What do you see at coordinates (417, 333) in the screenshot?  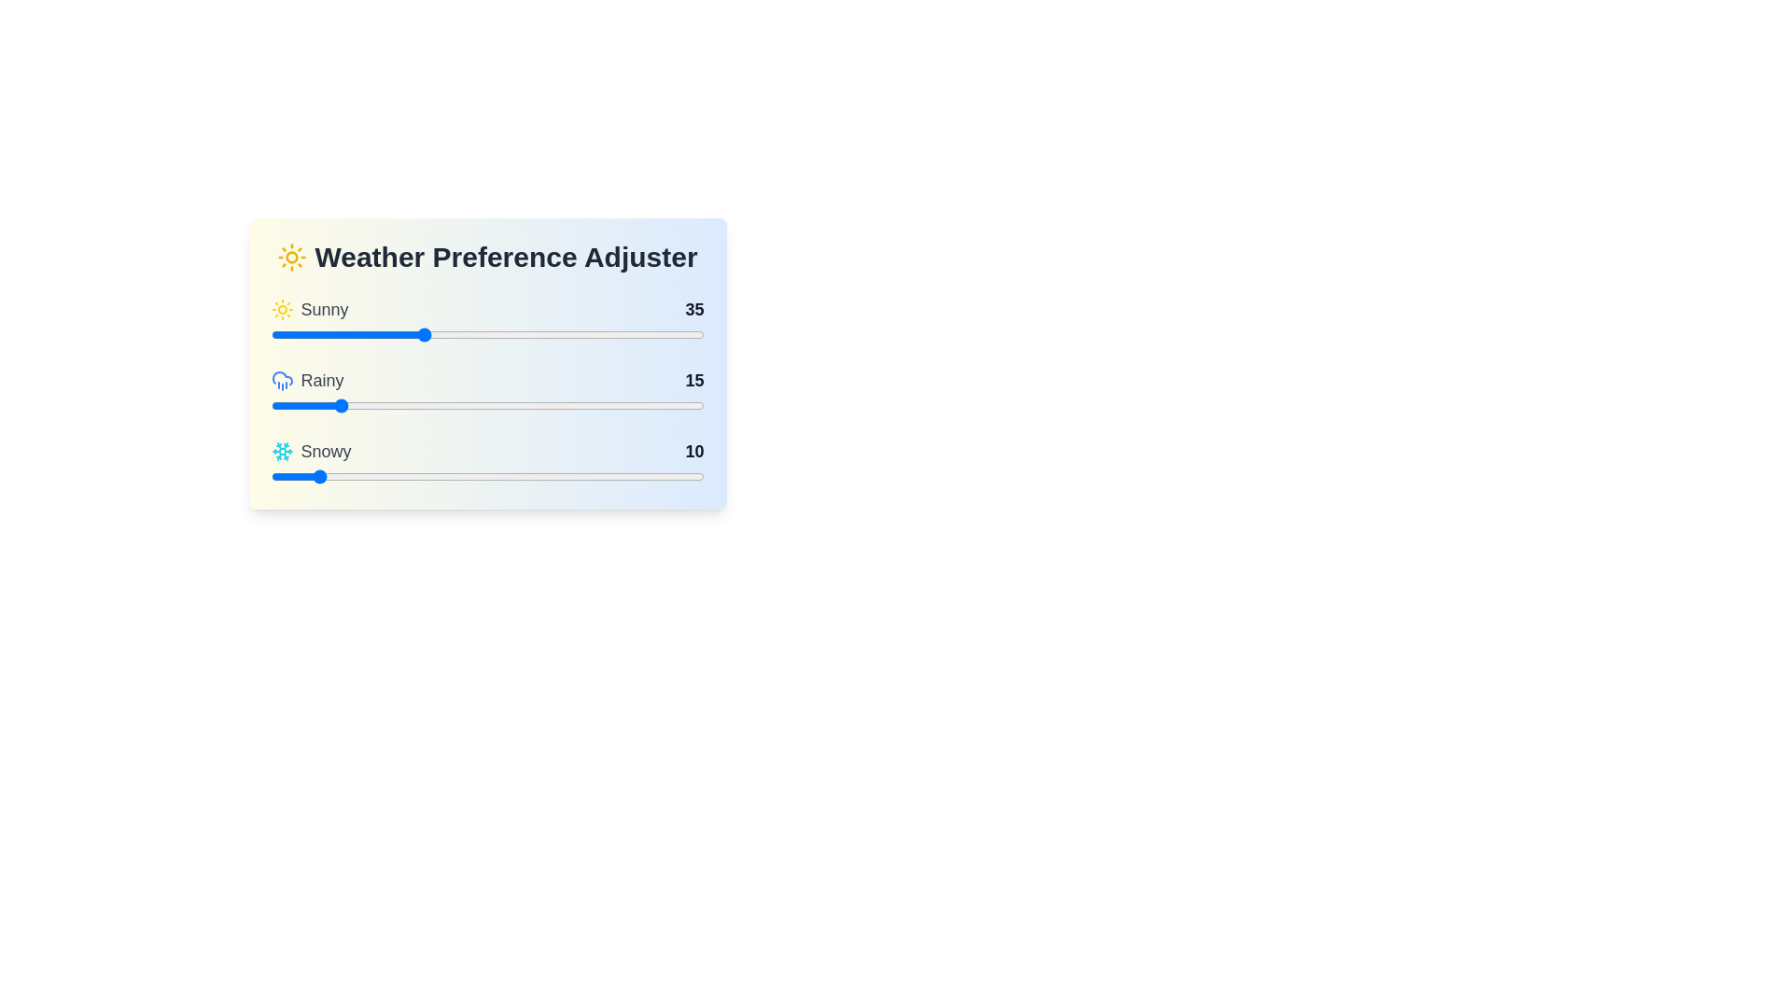 I see `the 'Sunny' slider to the specified value 34` at bounding box center [417, 333].